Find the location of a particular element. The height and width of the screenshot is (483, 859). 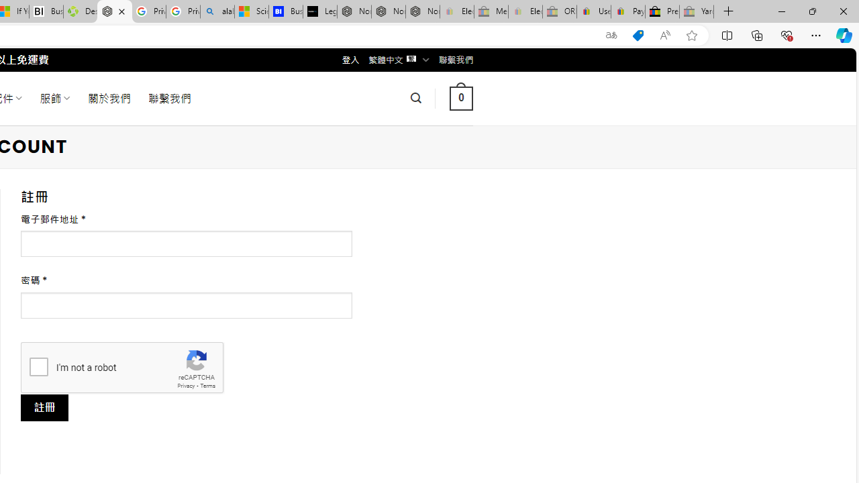

'Terms' is located at coordinates (207, 386).